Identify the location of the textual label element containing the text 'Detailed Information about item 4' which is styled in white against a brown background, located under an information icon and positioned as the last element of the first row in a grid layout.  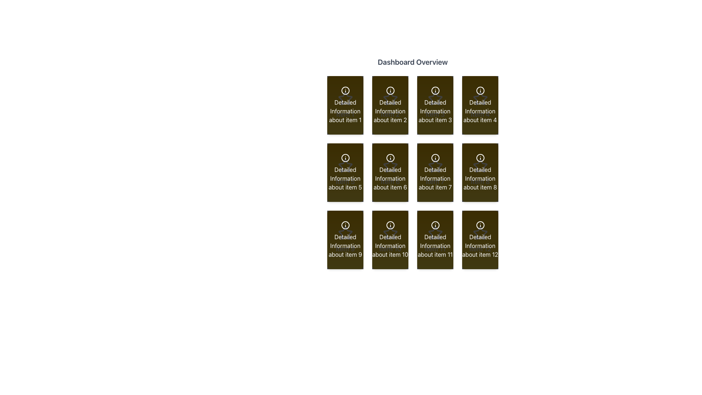
(480, 111).